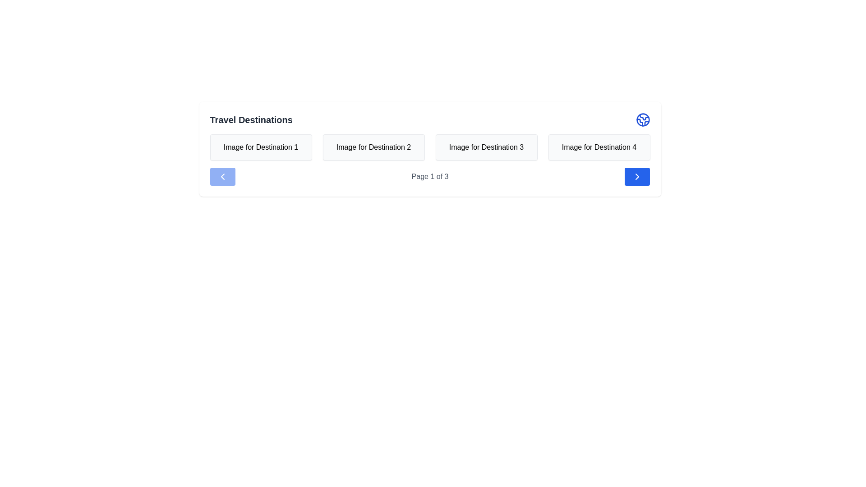 The height and width of the screenshot is (487, 866). What do you see at coordinates (637, 177) in the screenshot?
I see `the navigation button located at the rightmost section of the horizontal navigation bar to proceed to the next page` at bounding box center [637, 177].